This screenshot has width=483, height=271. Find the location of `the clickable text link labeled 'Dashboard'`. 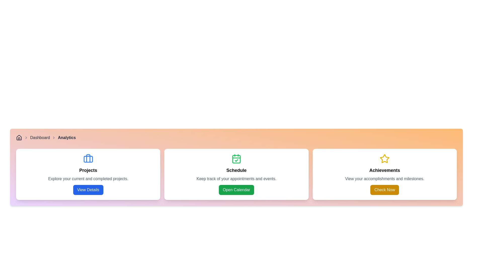

the clickable text link labeled 'Dashboard' is located at coordinates (40, 138).